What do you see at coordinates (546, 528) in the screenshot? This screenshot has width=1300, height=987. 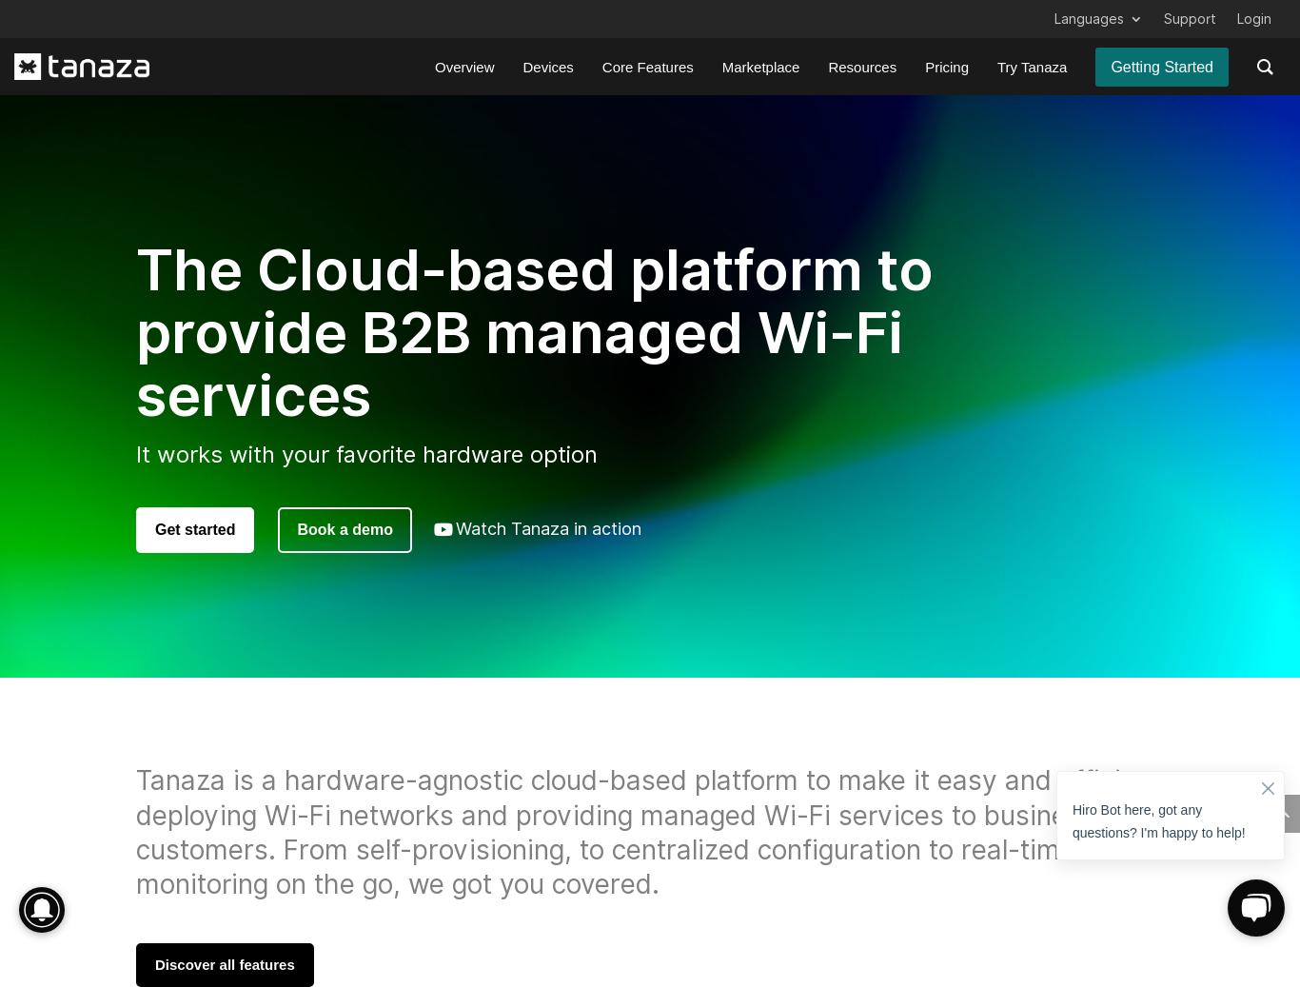 I see `'Watch Tanaza in action'` at bounding box center [546, 528].